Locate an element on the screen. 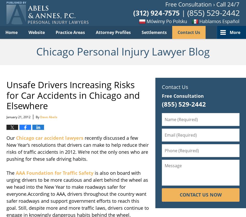 The height and width of the screenshot is (217, 246). 'The' is located at coordinates (11, 173).